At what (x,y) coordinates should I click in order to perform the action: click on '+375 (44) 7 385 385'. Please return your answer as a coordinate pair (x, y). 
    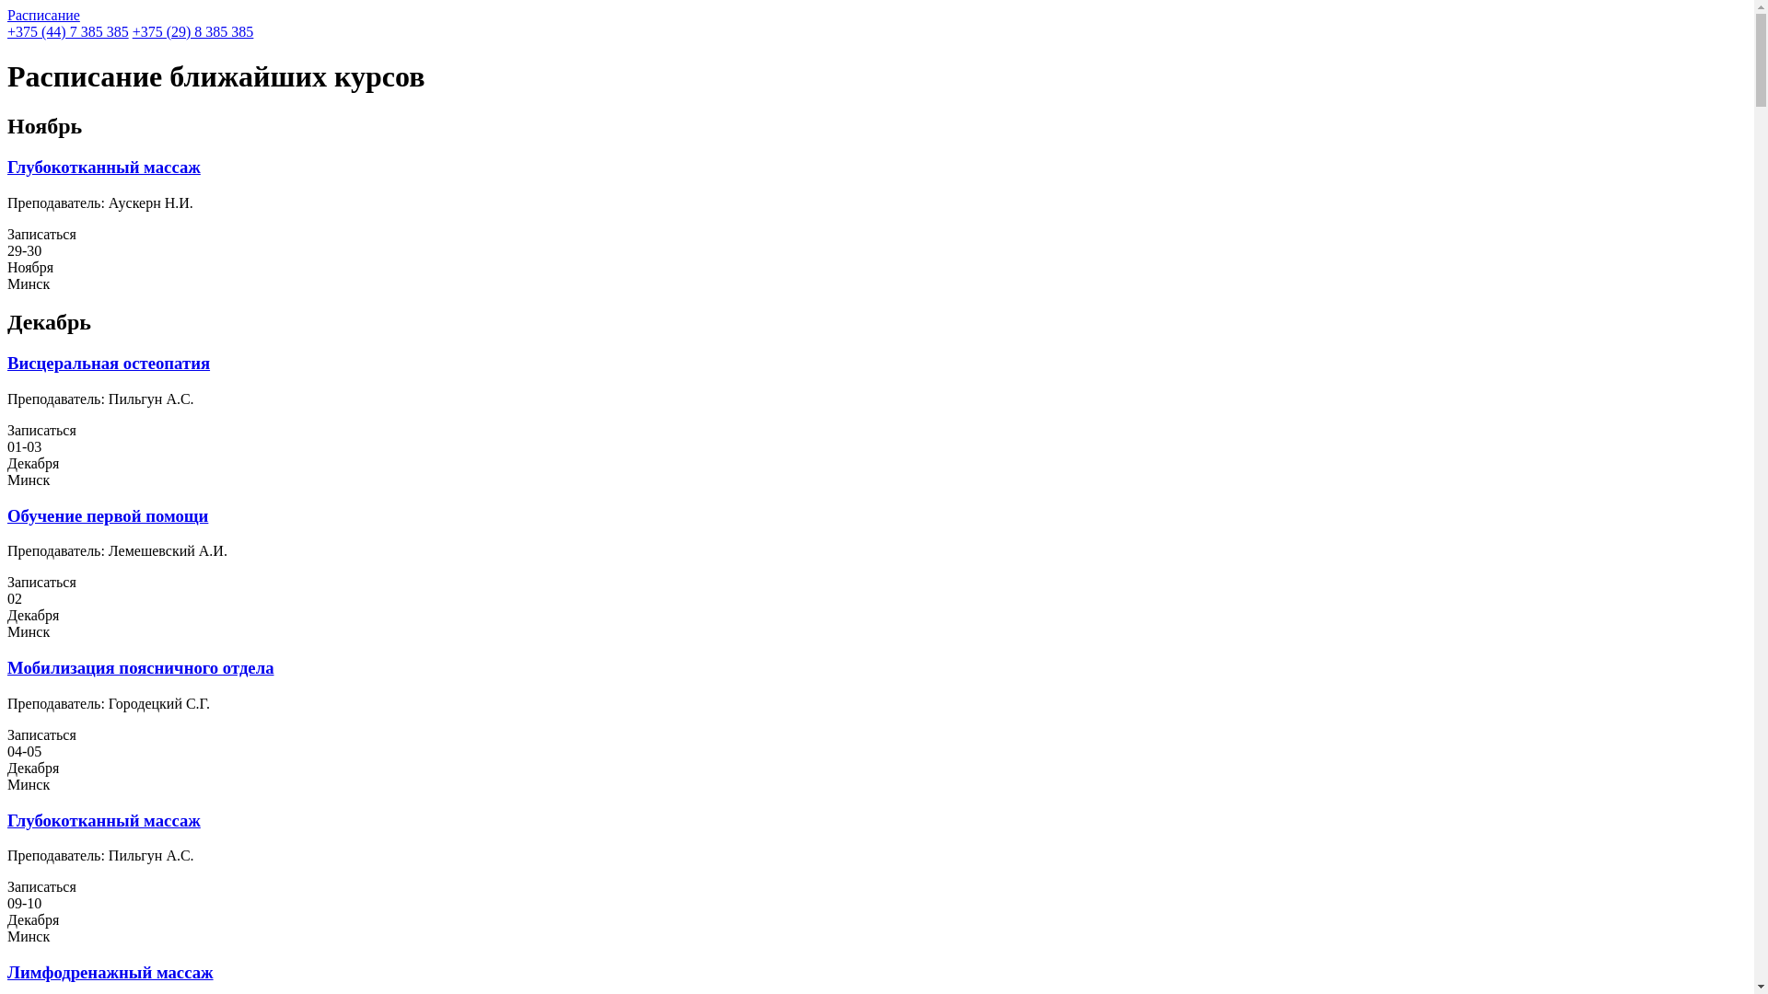
    Looking at the image, I should click on (67, 31).